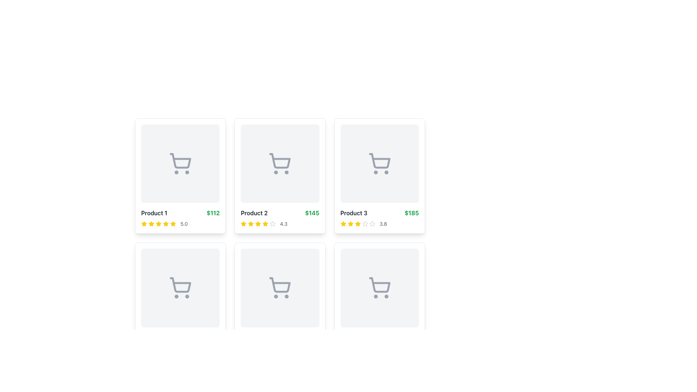 This screenshot has width=697, height=392. Describe the element at coordinates (180, 300) in the screenshot. I see `the shopping cart icon located on the Product card, which is the first item in the second row of the grid layout, directly below 'Product 1'` at that location.